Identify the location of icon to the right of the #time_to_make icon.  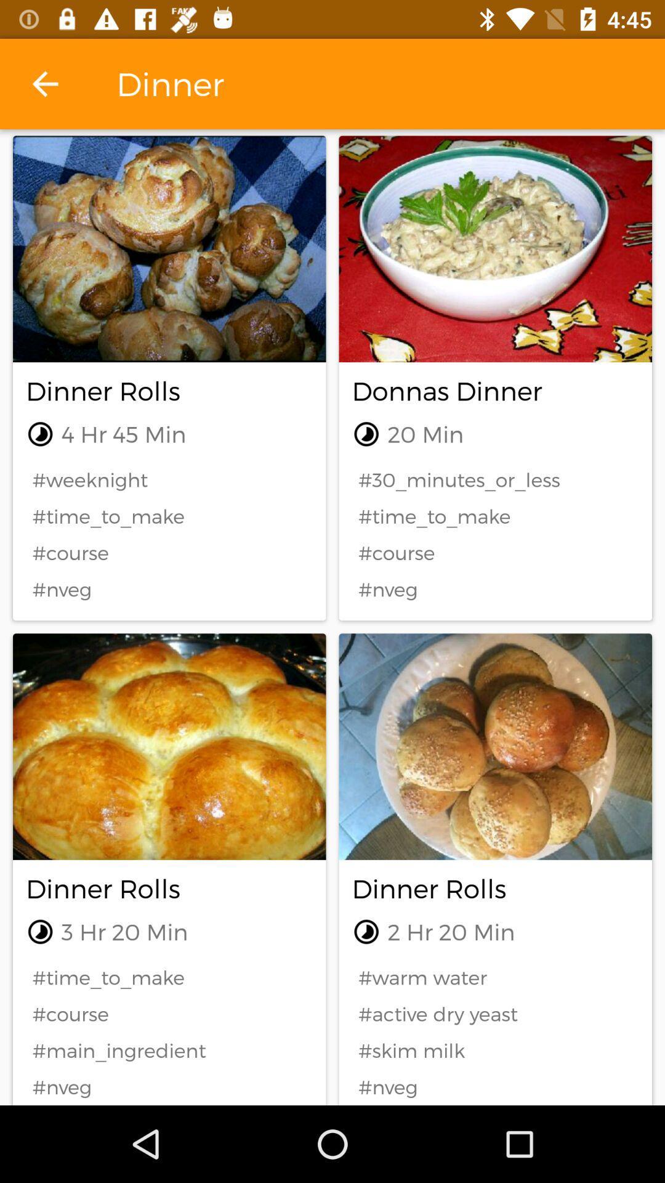
(494, 977).